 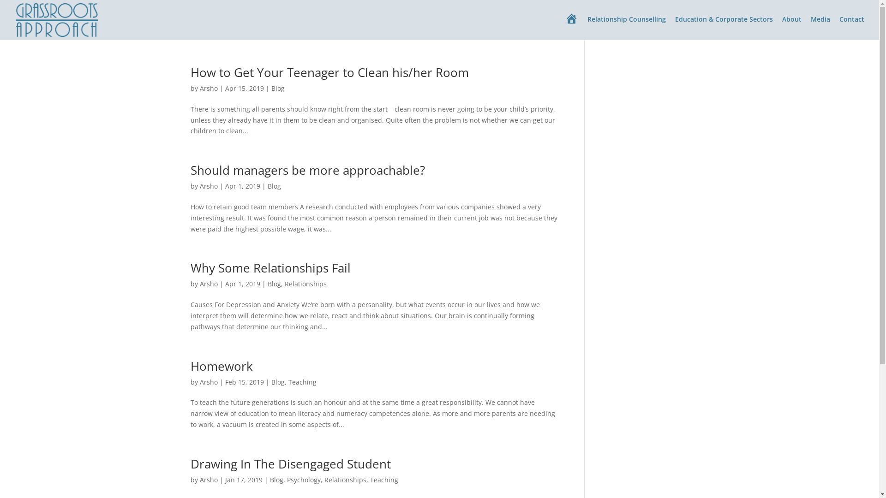 What do you see at coordinates (287, 382) in the screenshot?
I see `'Teaching'` at bounding box center [287, 382].